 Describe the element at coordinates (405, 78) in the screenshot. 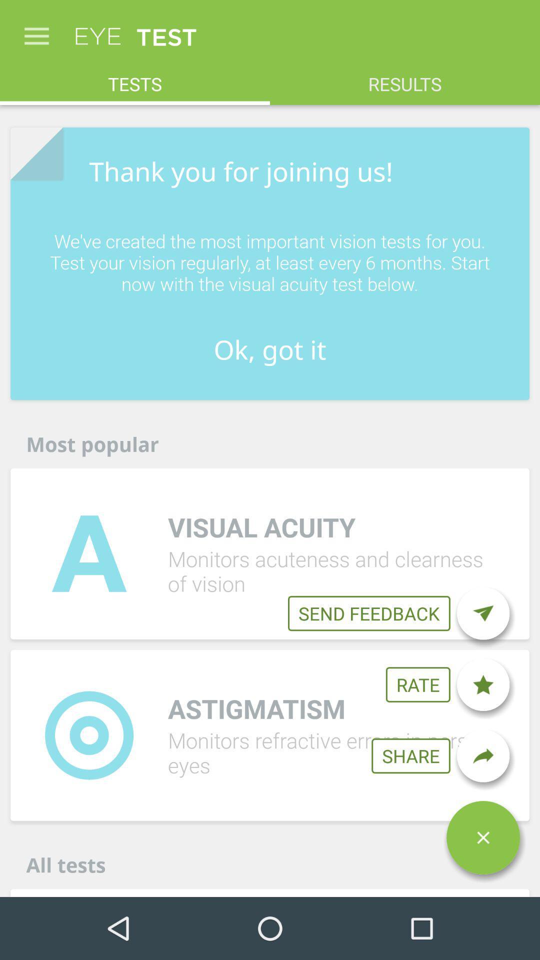

I see `the results` at that location.